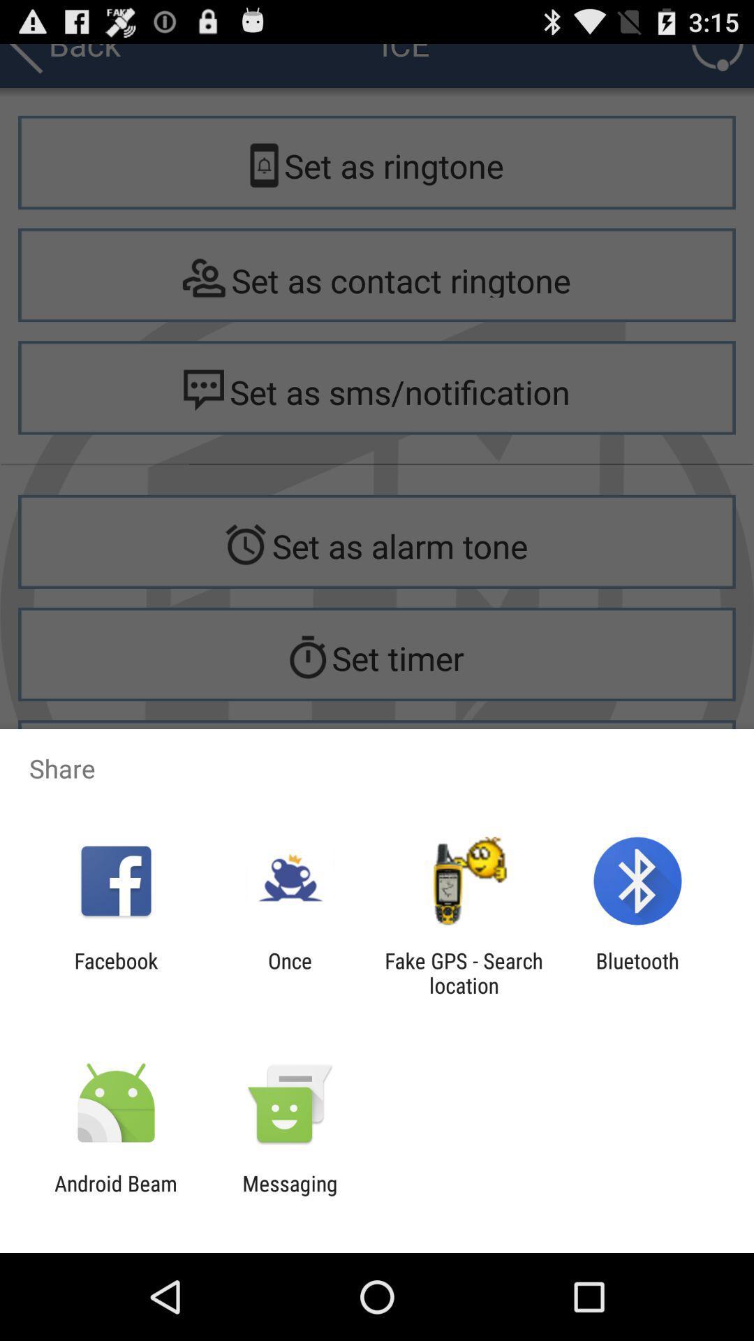 Image resolution: width=754 pixels, height=1341 pixels. I want to click on the icon next to the facebook icon, so click(289, 972).